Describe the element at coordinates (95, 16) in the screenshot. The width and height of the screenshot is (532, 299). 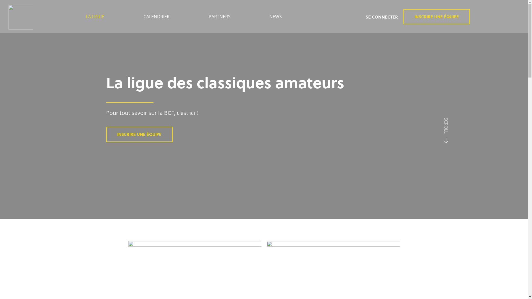
I see `'LA LIGUE'` at that location.